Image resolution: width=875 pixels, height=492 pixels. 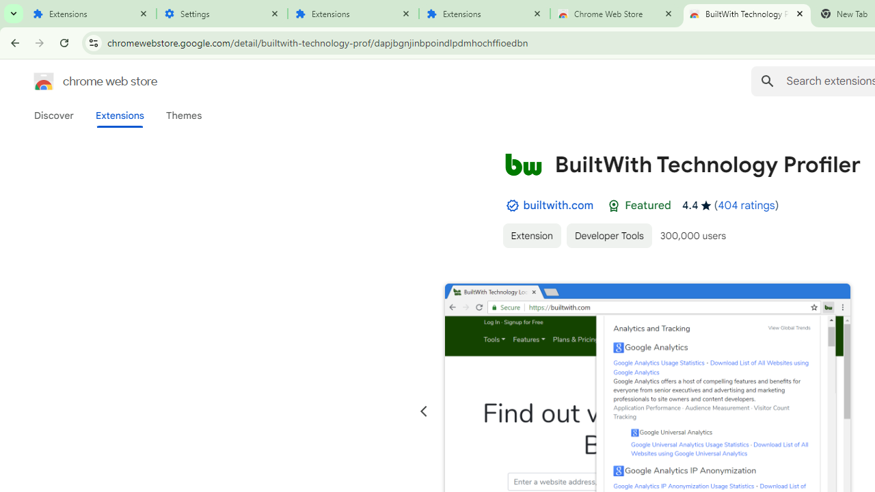 What do you see at coordinates (511, 206) in the screenshot?
I see `'By Established Publisher Badge'` at bounding box center [511, 206].